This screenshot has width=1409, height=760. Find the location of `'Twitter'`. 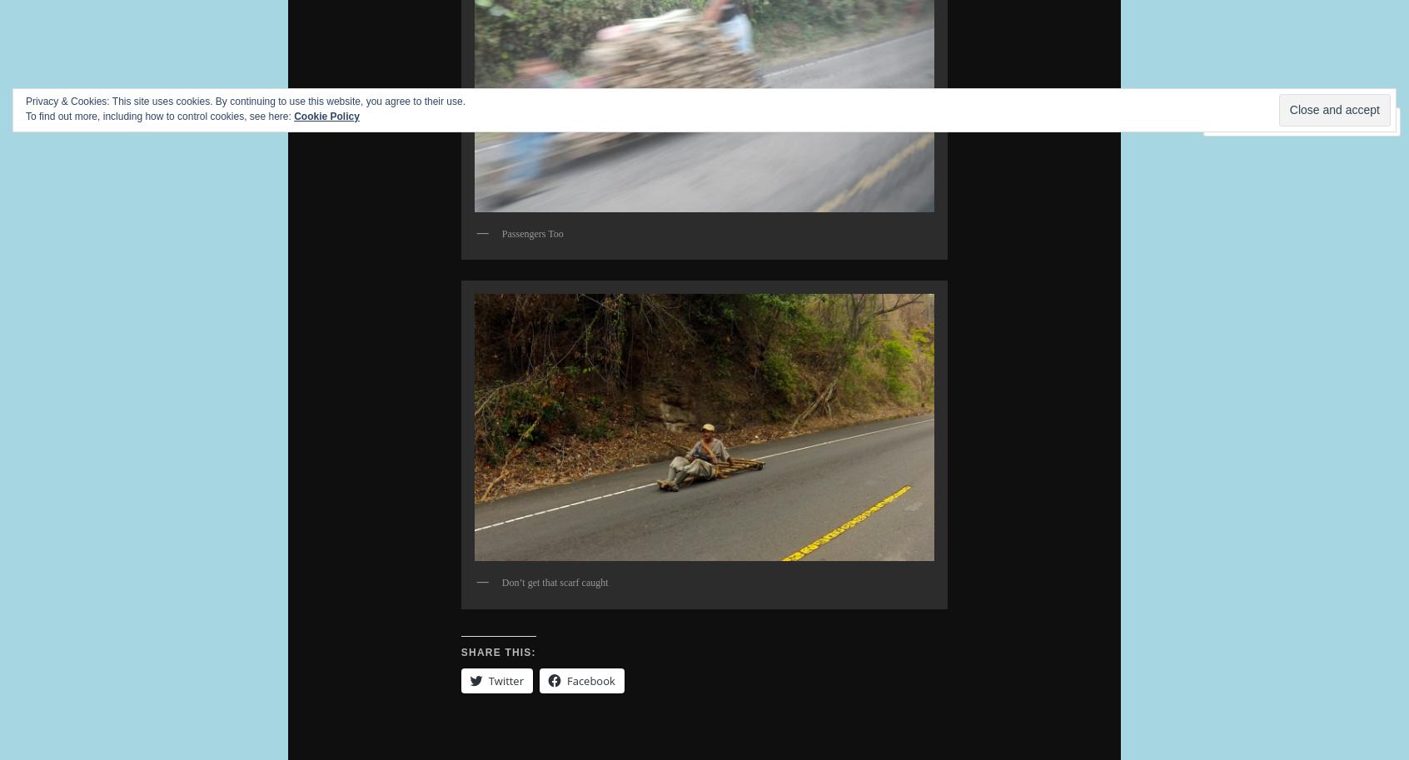

'Twitter' is located at coordinates (504, 679).